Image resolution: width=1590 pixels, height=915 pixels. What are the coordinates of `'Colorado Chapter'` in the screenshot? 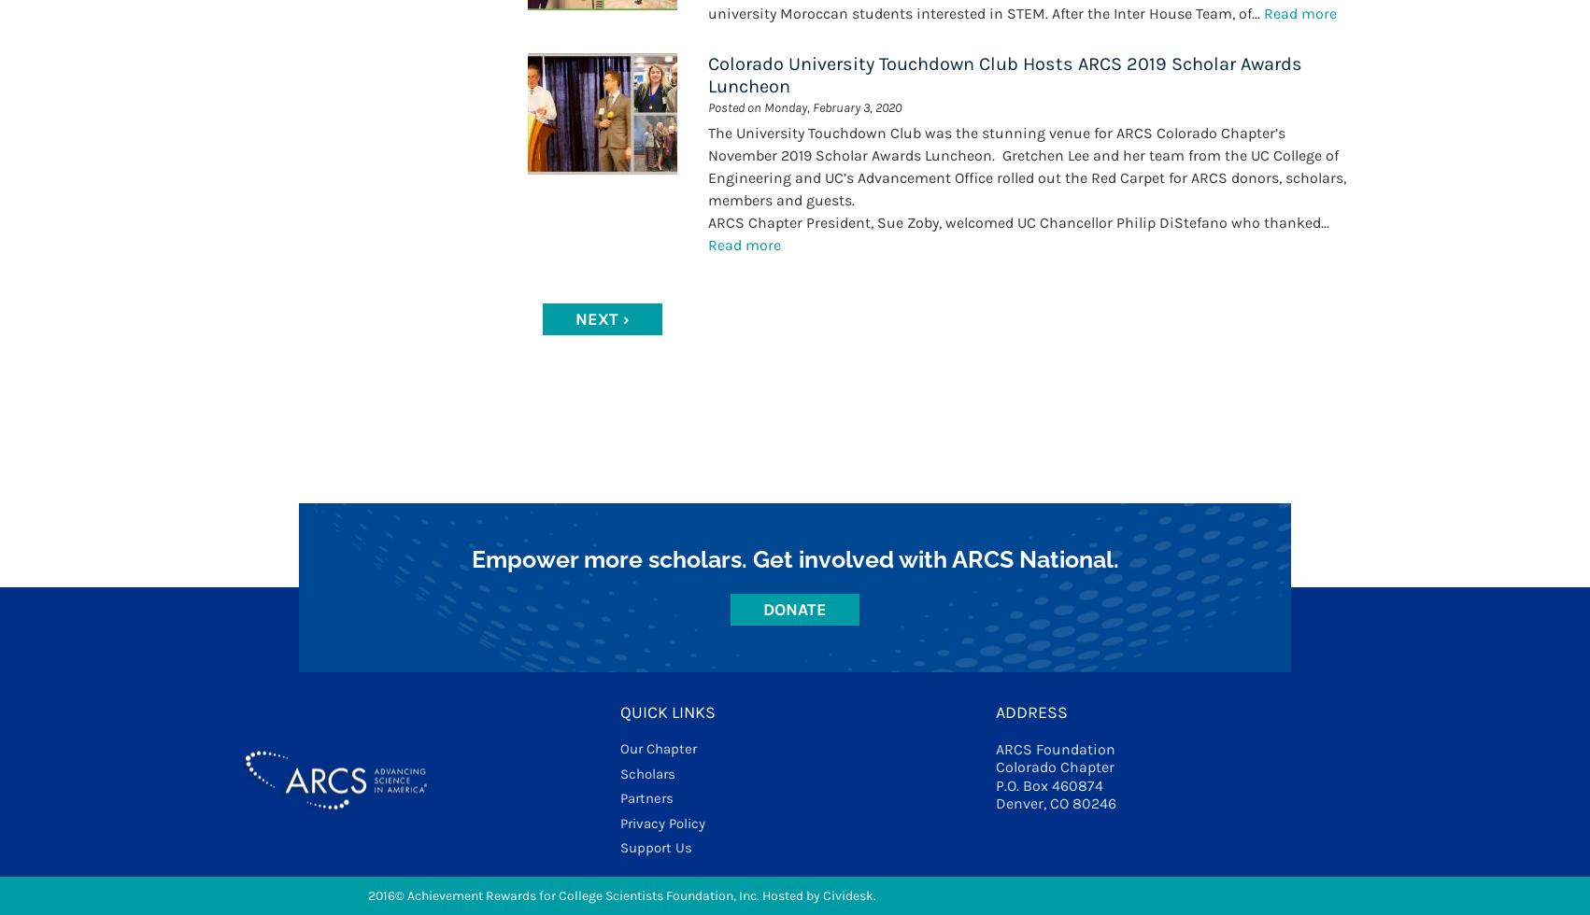 It's located at (1054, 767).